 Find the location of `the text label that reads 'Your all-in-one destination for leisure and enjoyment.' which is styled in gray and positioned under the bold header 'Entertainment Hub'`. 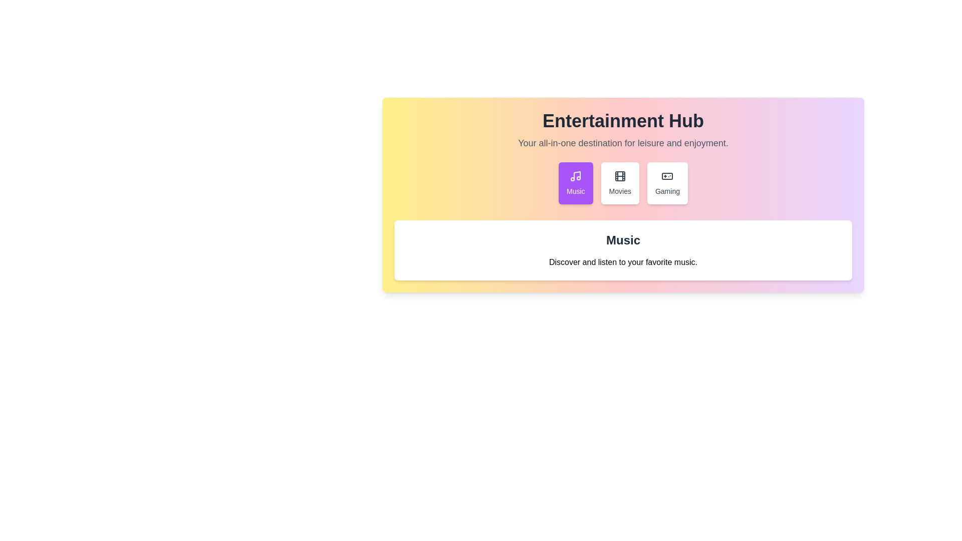

the text label that reads 'Your all-in-one destination for leisure and enjoyment.' which is styled in gray and positioned under the bold header 'Entertainment Hub' is located at coordinates (622, 143).